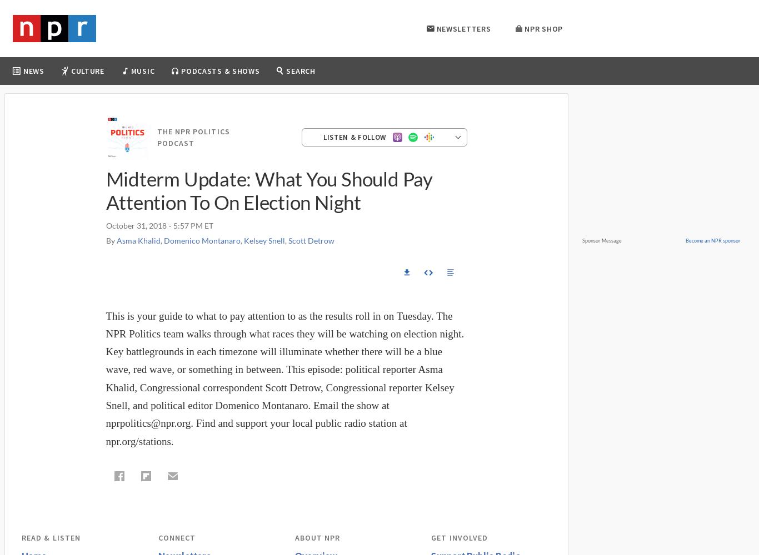 This screenshot has width=759, height=555. Describe the element at coordinates (316, 537) in the screenshot. I see `'About NPR'` at that location.